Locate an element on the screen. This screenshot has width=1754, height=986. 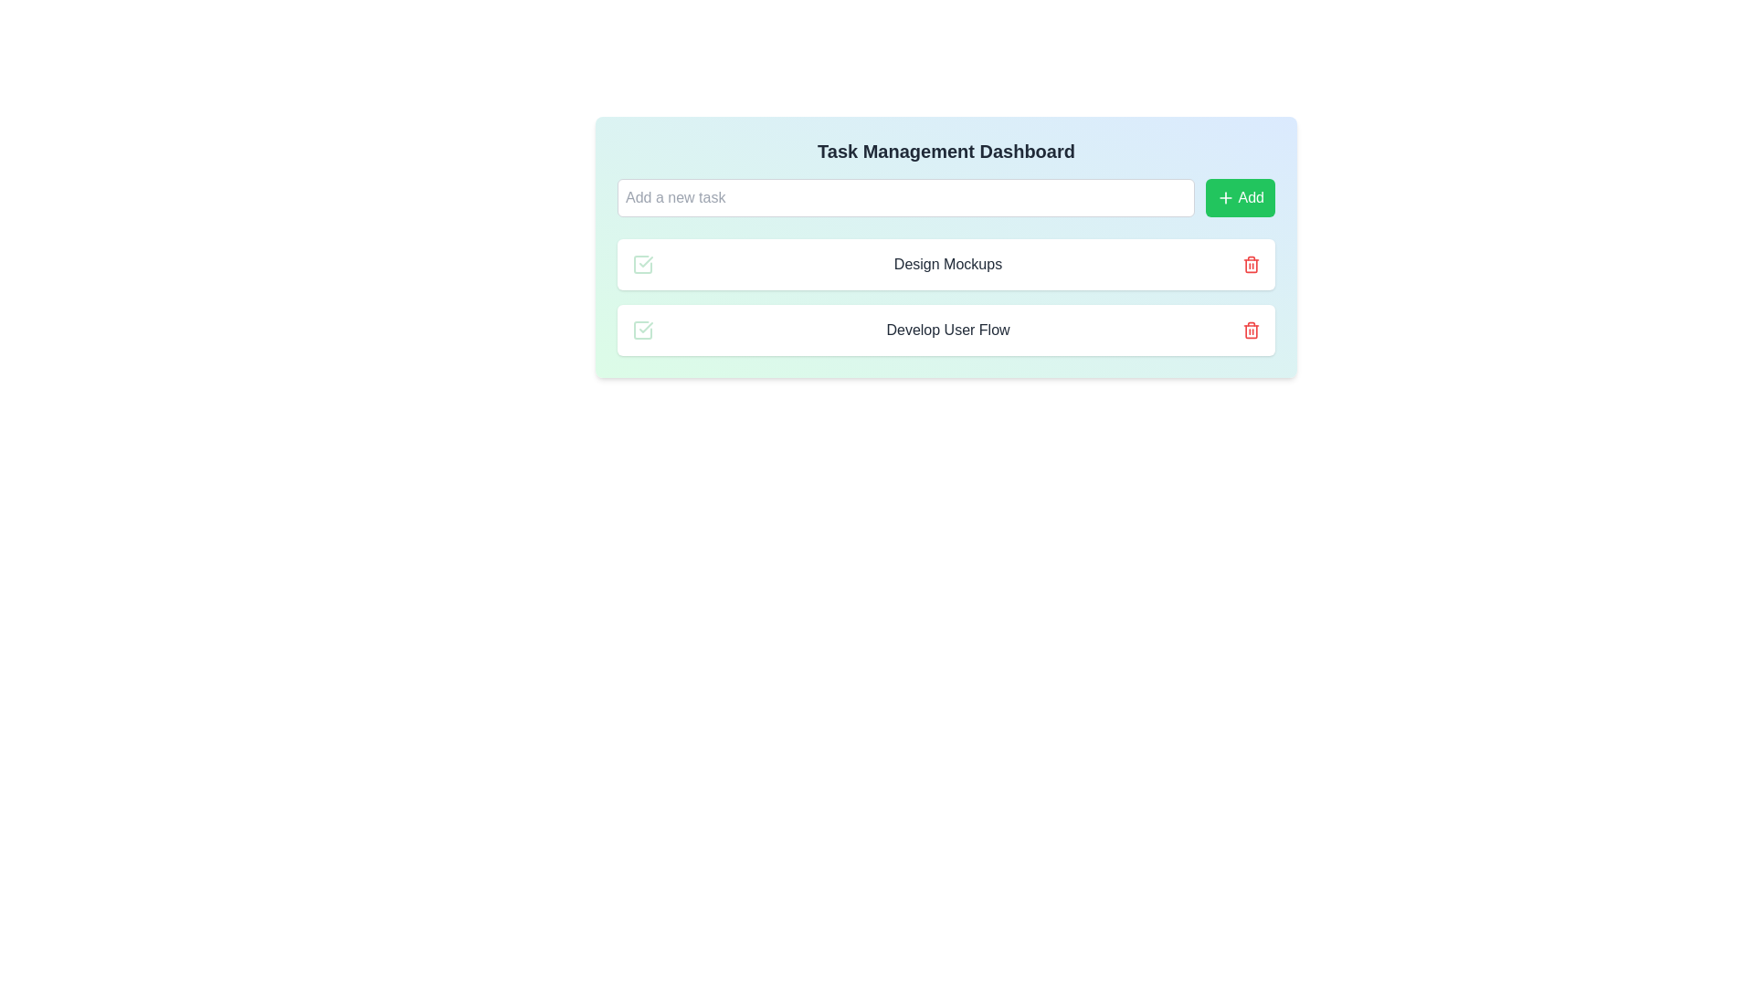
the green check mark button associated with the confirmation action, located to the left of the text 'Design Mockups' is located at coordinates (643, 264).